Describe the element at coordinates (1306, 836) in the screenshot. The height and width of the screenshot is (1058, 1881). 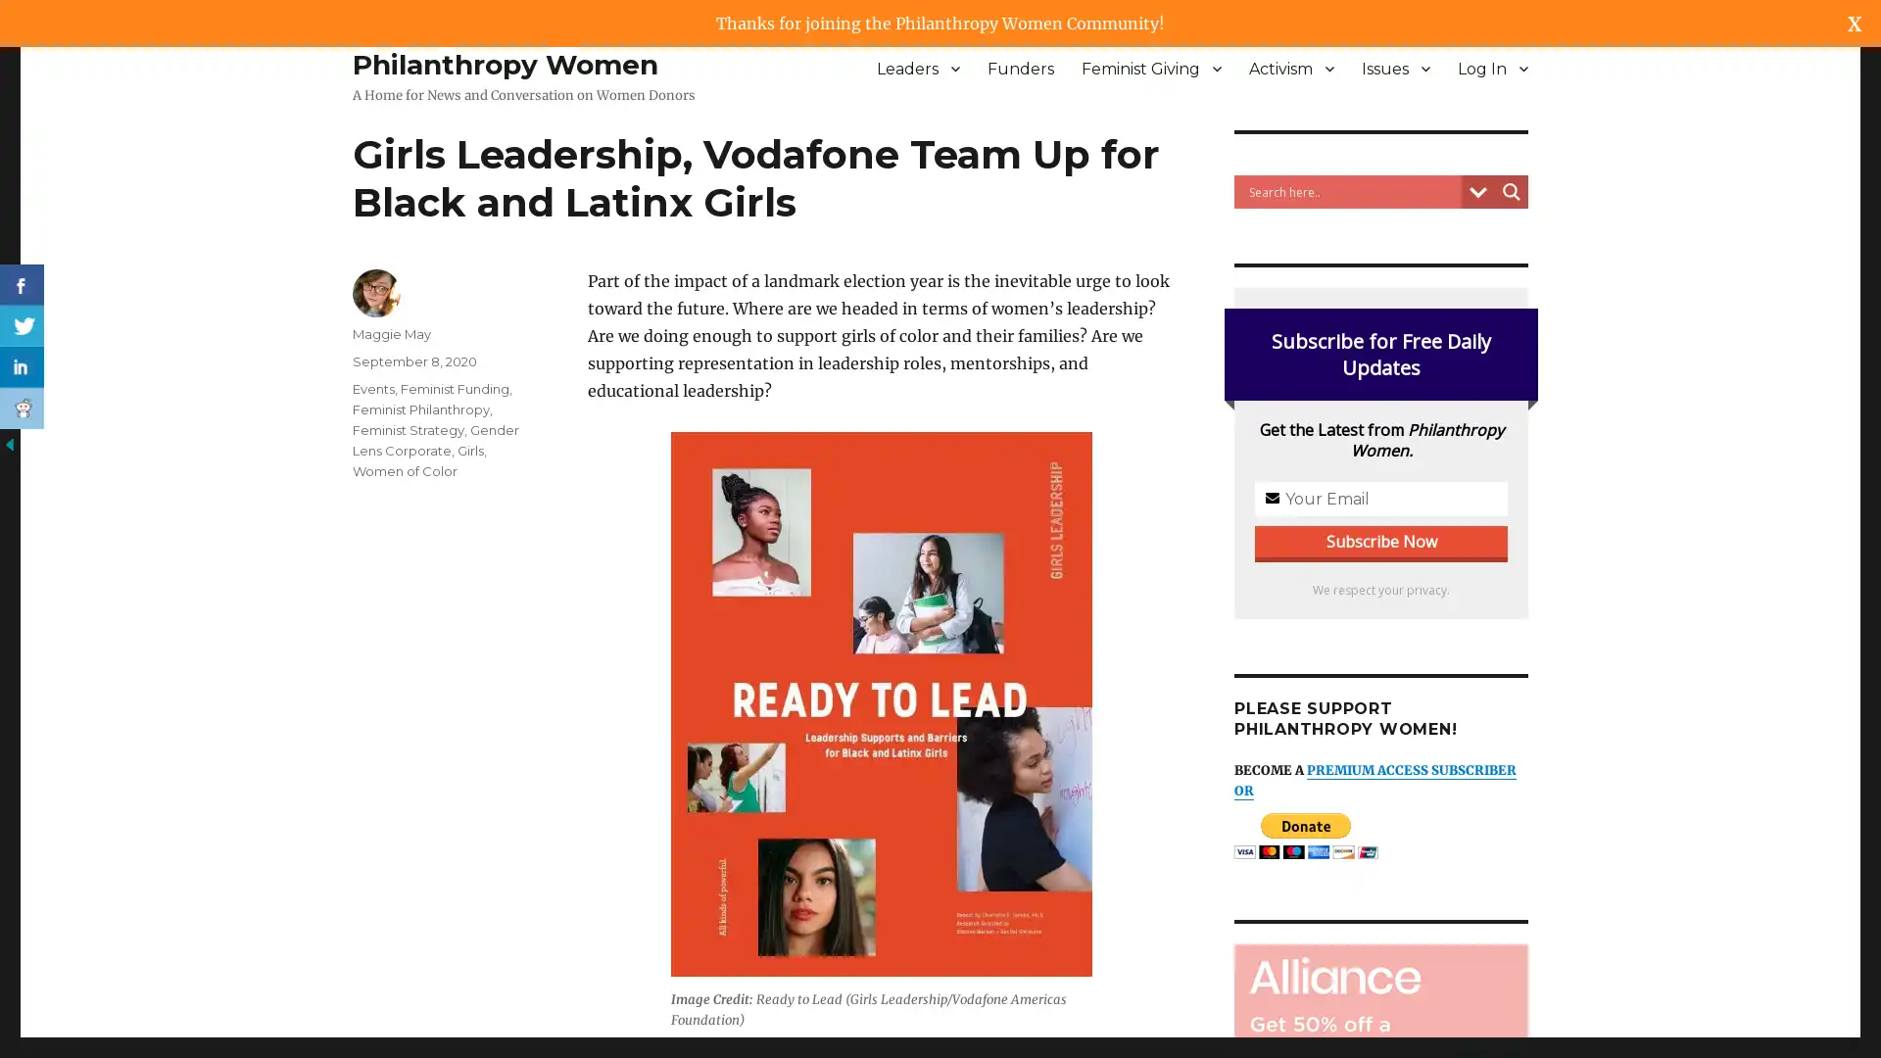
I see `PayPal - The safer, easier way to pay online!` at that location.